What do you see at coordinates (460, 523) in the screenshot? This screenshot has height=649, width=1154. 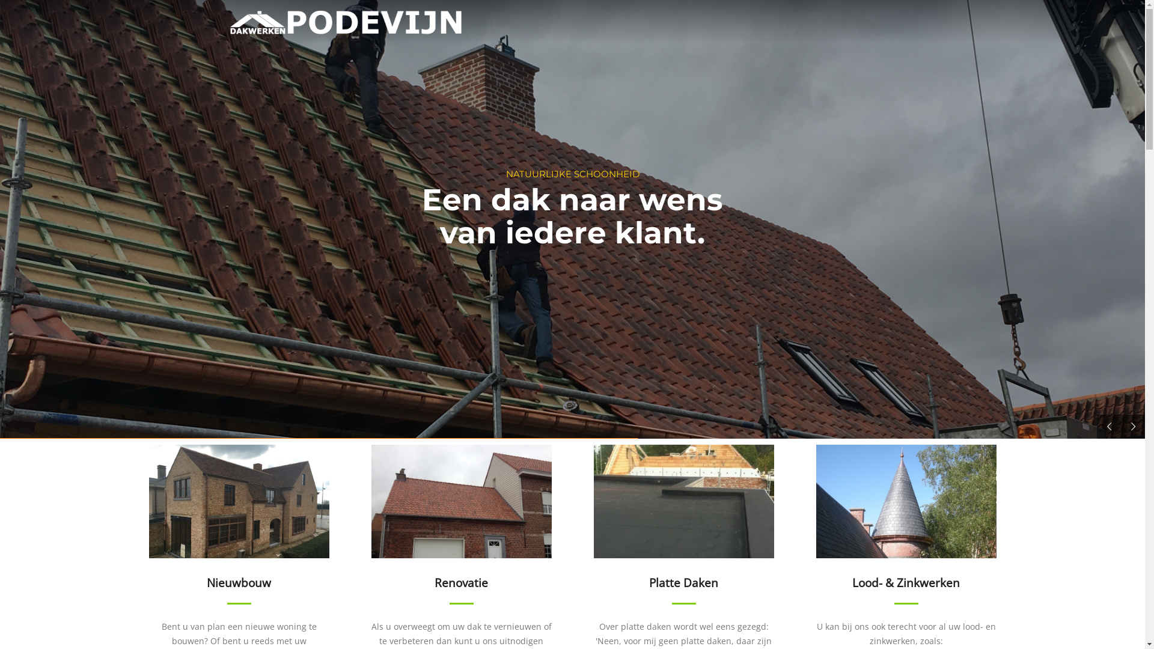 I see `'Renovatie'` at bounding box center [460, 523].